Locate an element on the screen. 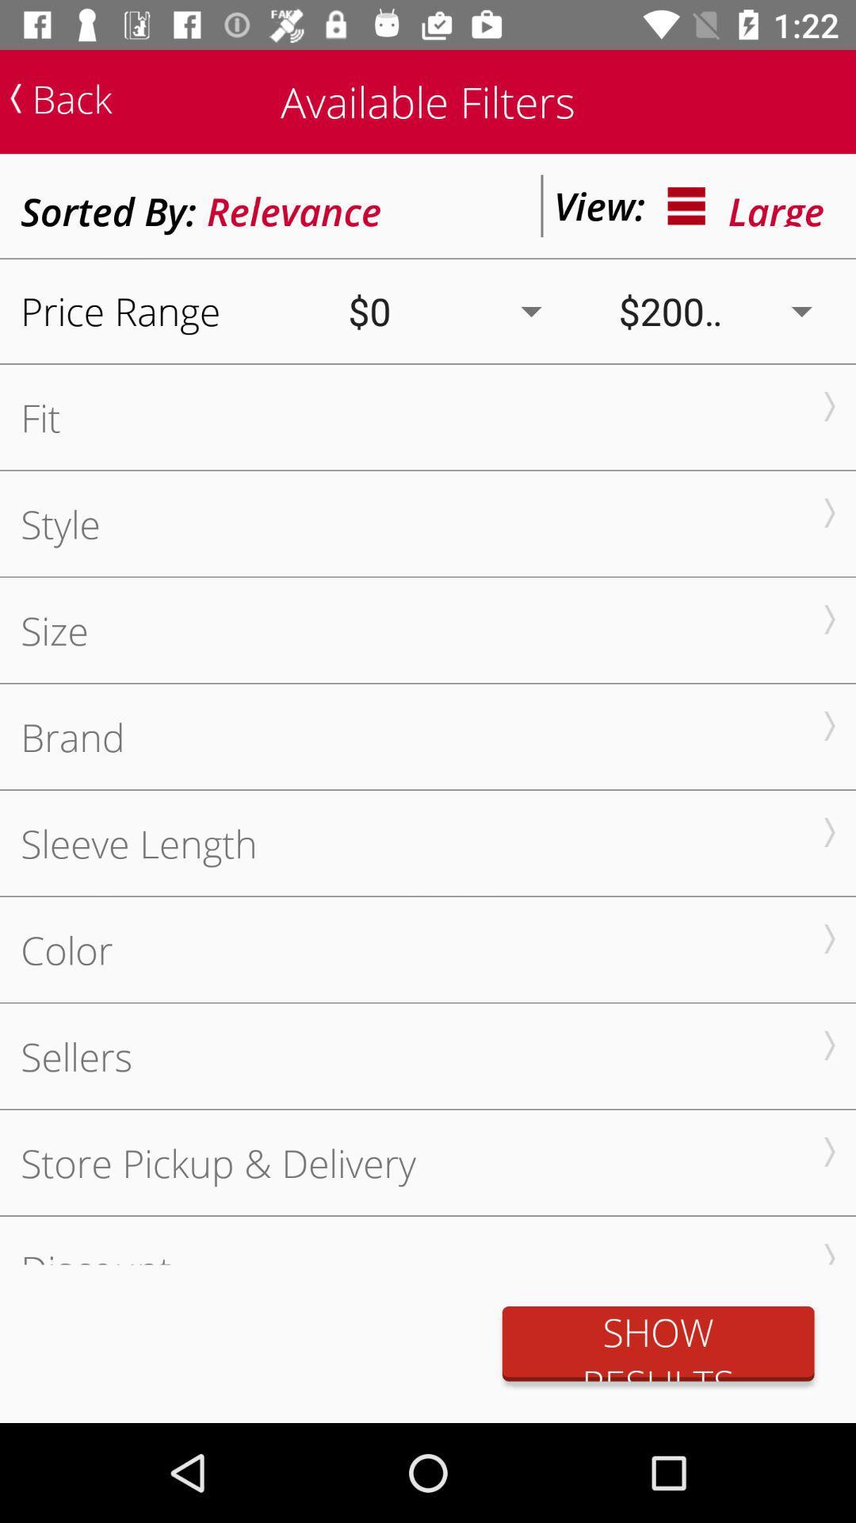 This screenshot has width=856, height=1523. icon below available filters icon is located at coordinates (294, 205).